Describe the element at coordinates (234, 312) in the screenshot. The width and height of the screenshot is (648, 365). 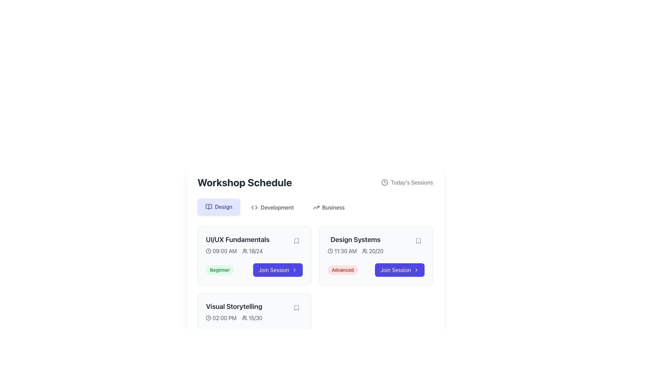
I see `the informational card for the workshop session located in the second row of the 'Design' category section, which is the third session card from the top-left` at that location.